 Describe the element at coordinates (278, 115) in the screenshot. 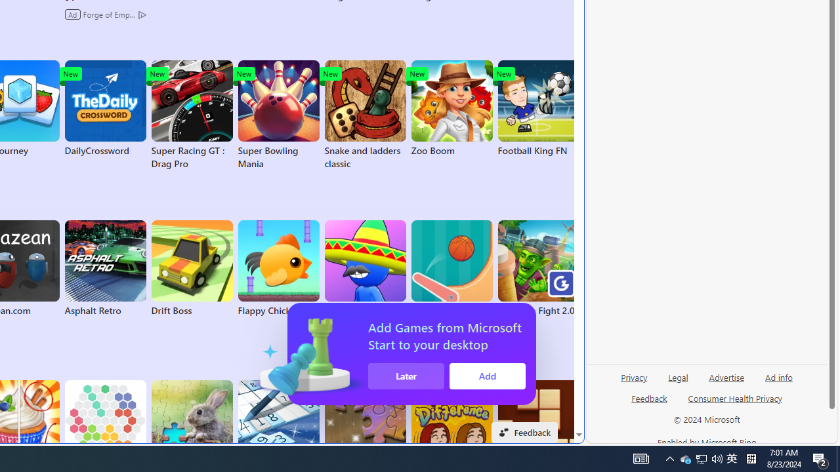

I see `'Super Bowling Mania'` at that location.